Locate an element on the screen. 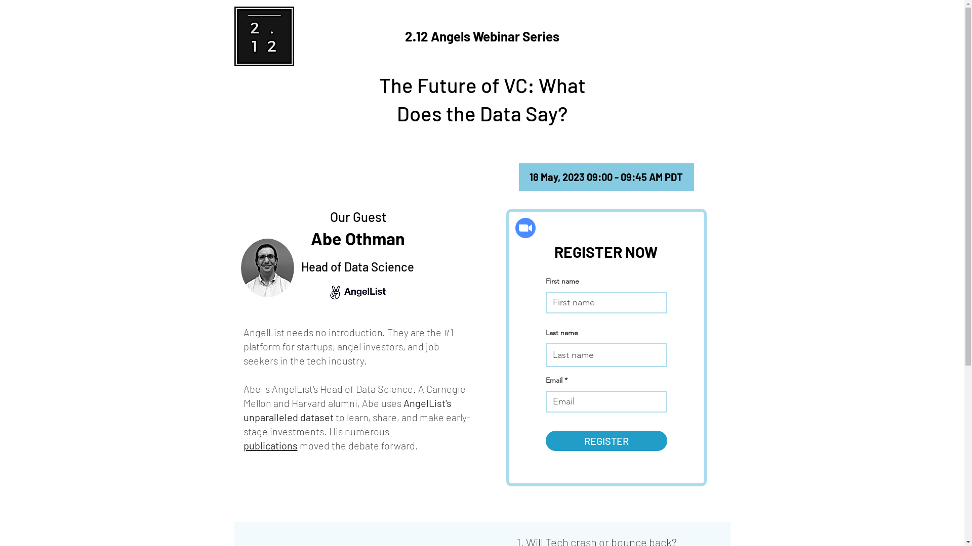  'REGISTER' is located at coordinates (606, 440).